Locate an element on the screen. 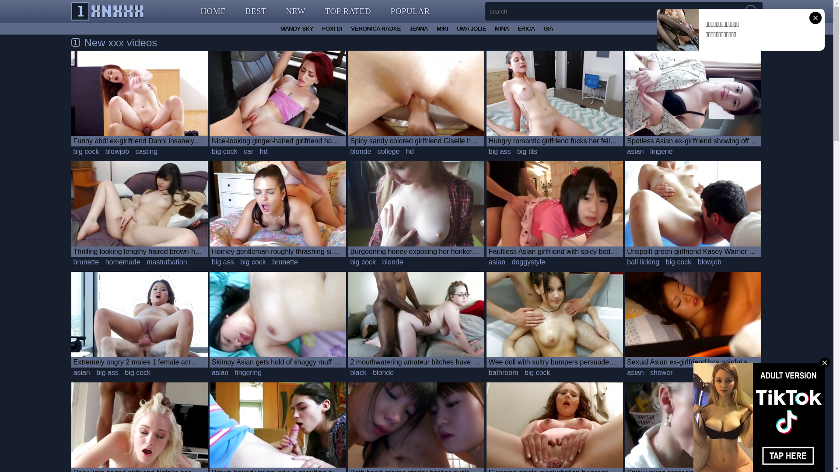  'MIKI' is located at coordinates (432, 28).